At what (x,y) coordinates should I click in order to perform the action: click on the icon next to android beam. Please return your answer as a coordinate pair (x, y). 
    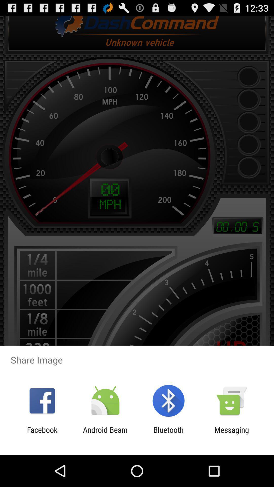
    Looking at the image, I should click on (168, 434).